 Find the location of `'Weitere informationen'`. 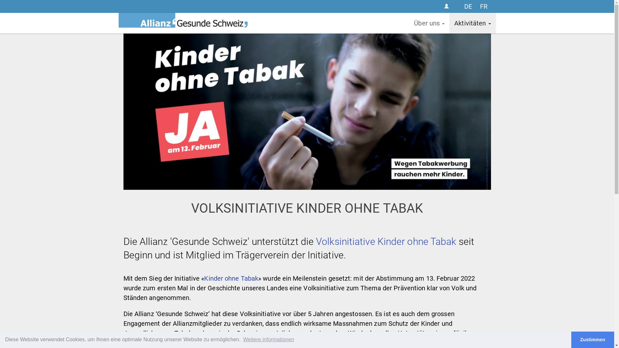

'Weitere informationen' is located at coordinates (269, 339).